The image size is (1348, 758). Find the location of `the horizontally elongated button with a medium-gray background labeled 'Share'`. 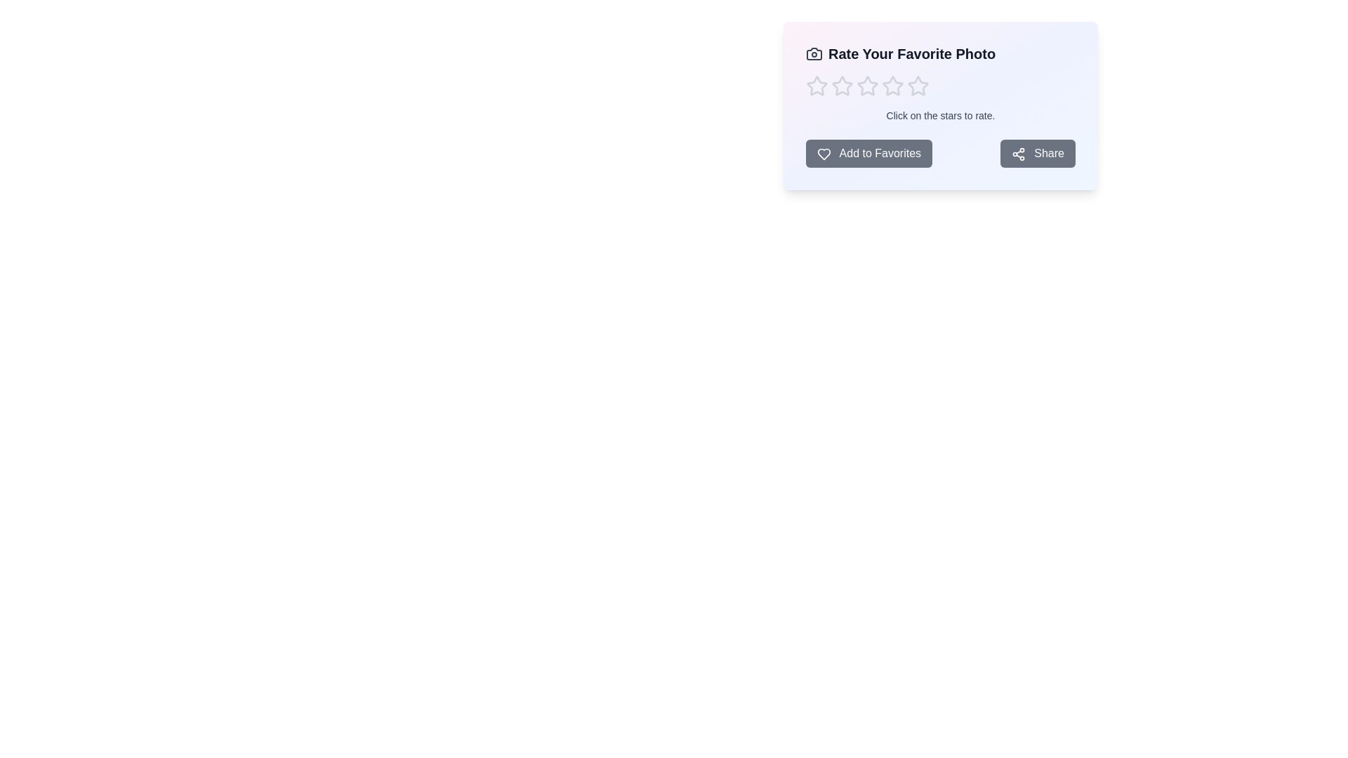

the horizontally elongated button with a medium-gray background labeled 'Share' is located at coordinates (1038, 154).